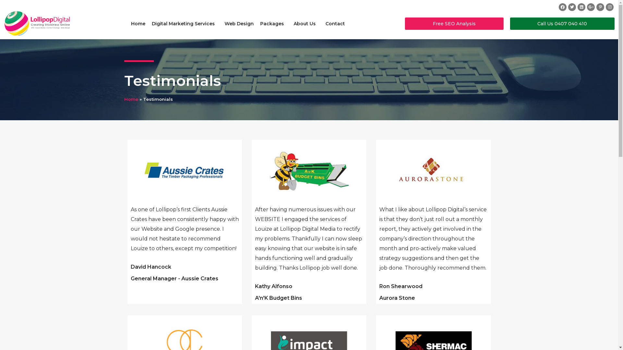  Describe the element at coordinates (185, 23) in the screenshot. I see `'Digital Marketing Services'` at that location.